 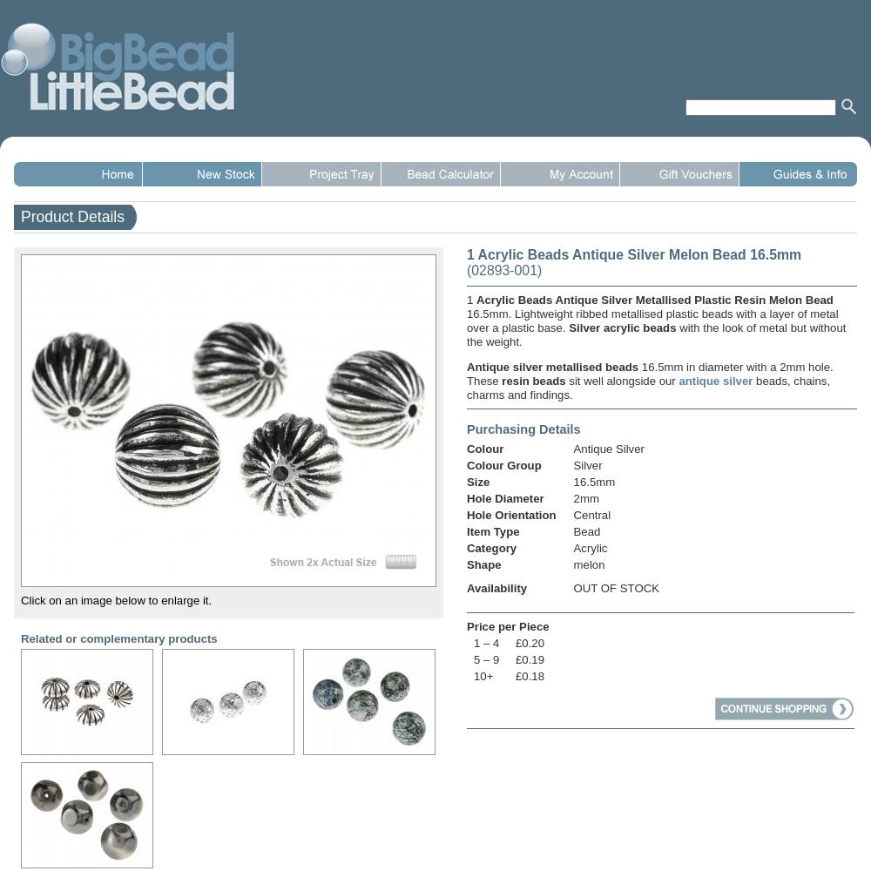 I want to click on '1 Acrylic Beads Antique Silver Melon Bead 16.5mm', so click(x=467, y=254).